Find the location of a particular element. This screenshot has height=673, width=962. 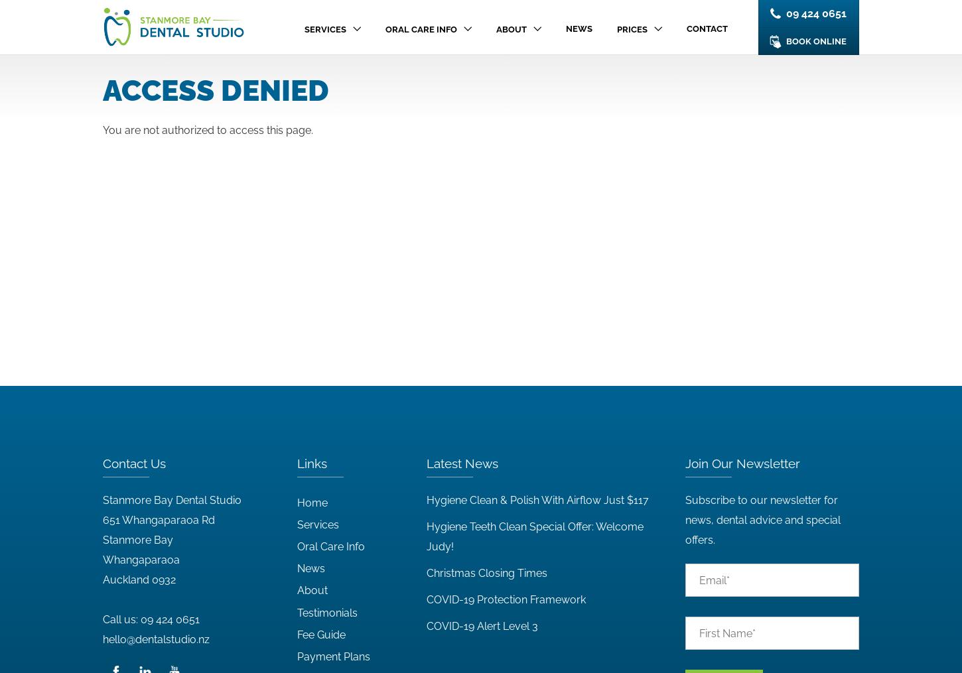

'Subscribe to our newsletter for news, dental advice and special offers.' is located at coordinates (761, 519).